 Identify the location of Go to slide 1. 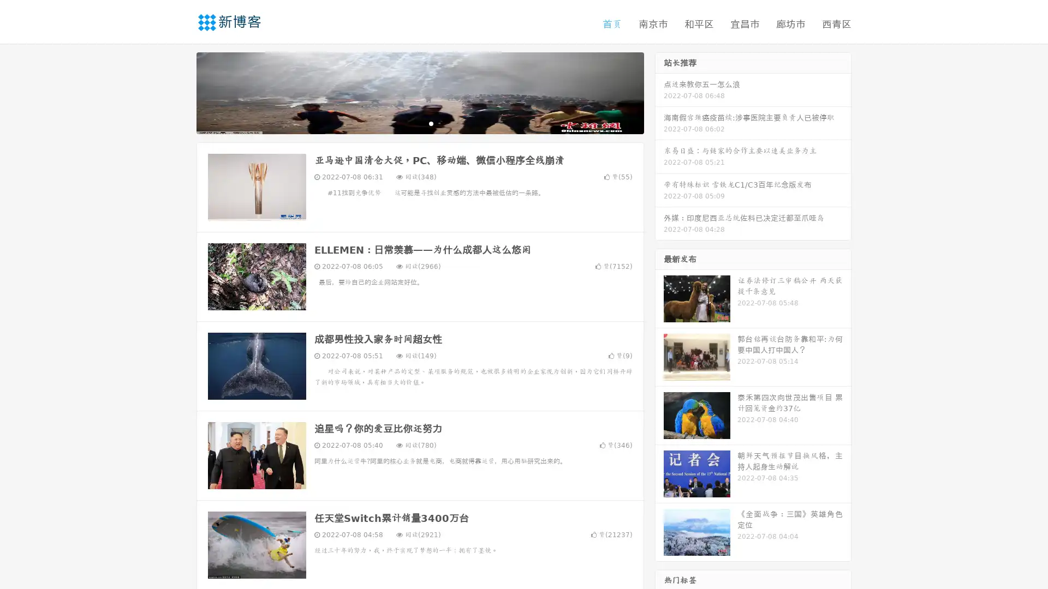
(408, 123).